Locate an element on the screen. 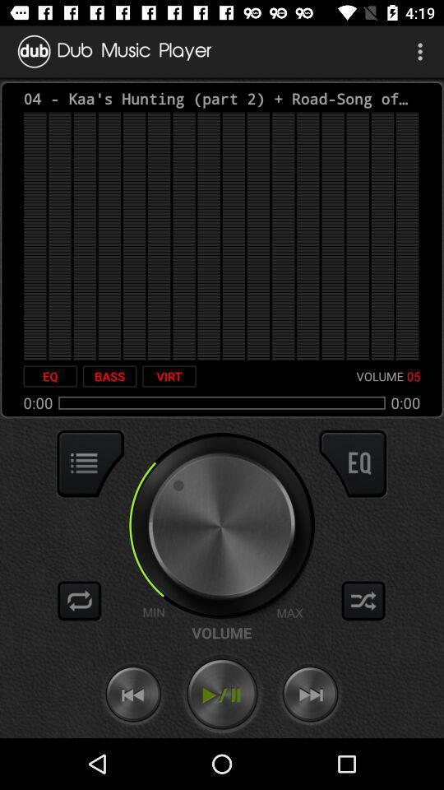 The image size is (444, 790). the button which is left side of the pause or play button is located at coordinates (132, 694).